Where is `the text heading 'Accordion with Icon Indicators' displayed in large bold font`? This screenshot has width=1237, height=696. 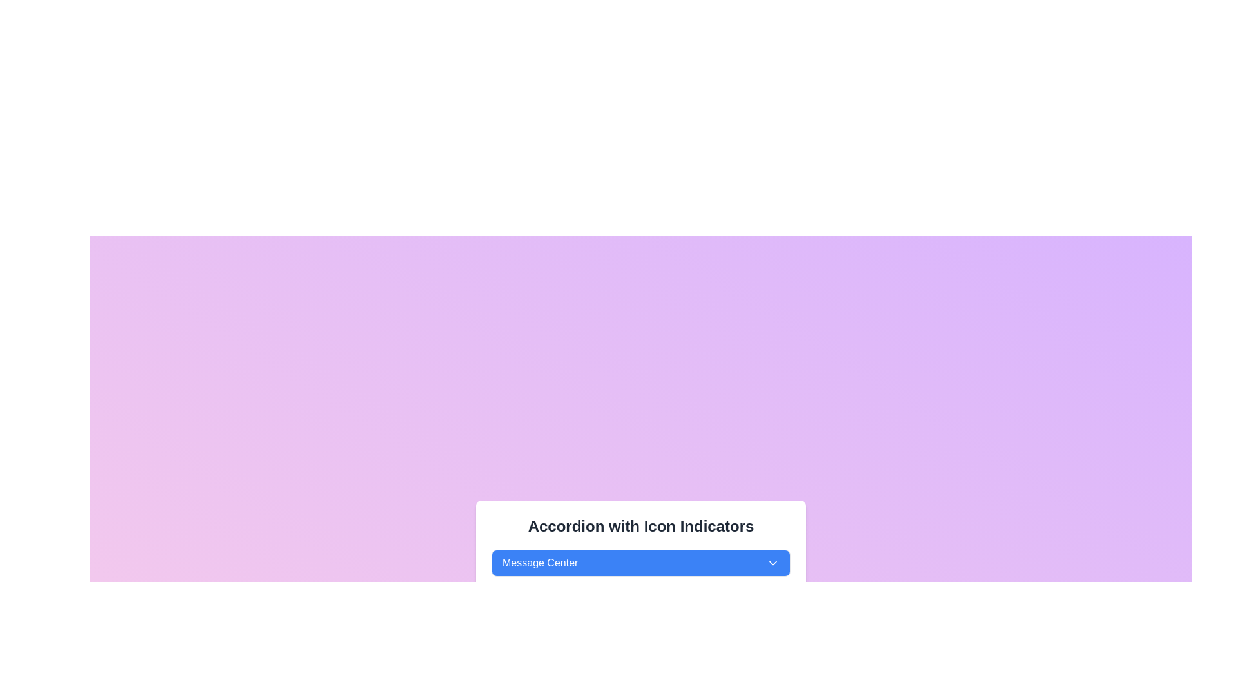 the text heading 'Accordion with Icon Indicators' displayed in large bold font is located at coordinates (640, 527).